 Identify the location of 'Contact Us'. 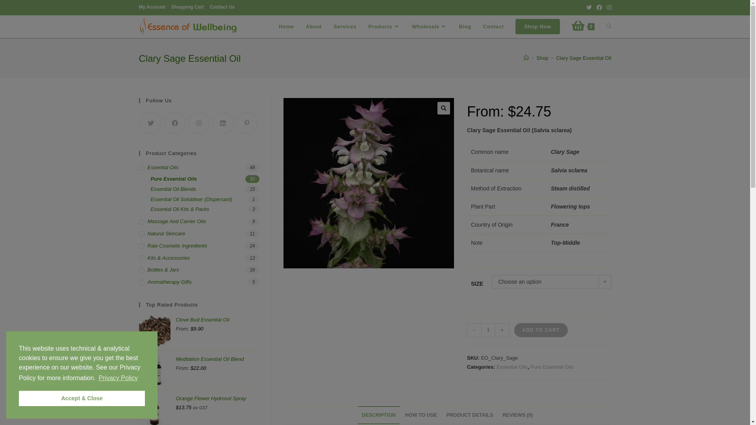
(222, 7).